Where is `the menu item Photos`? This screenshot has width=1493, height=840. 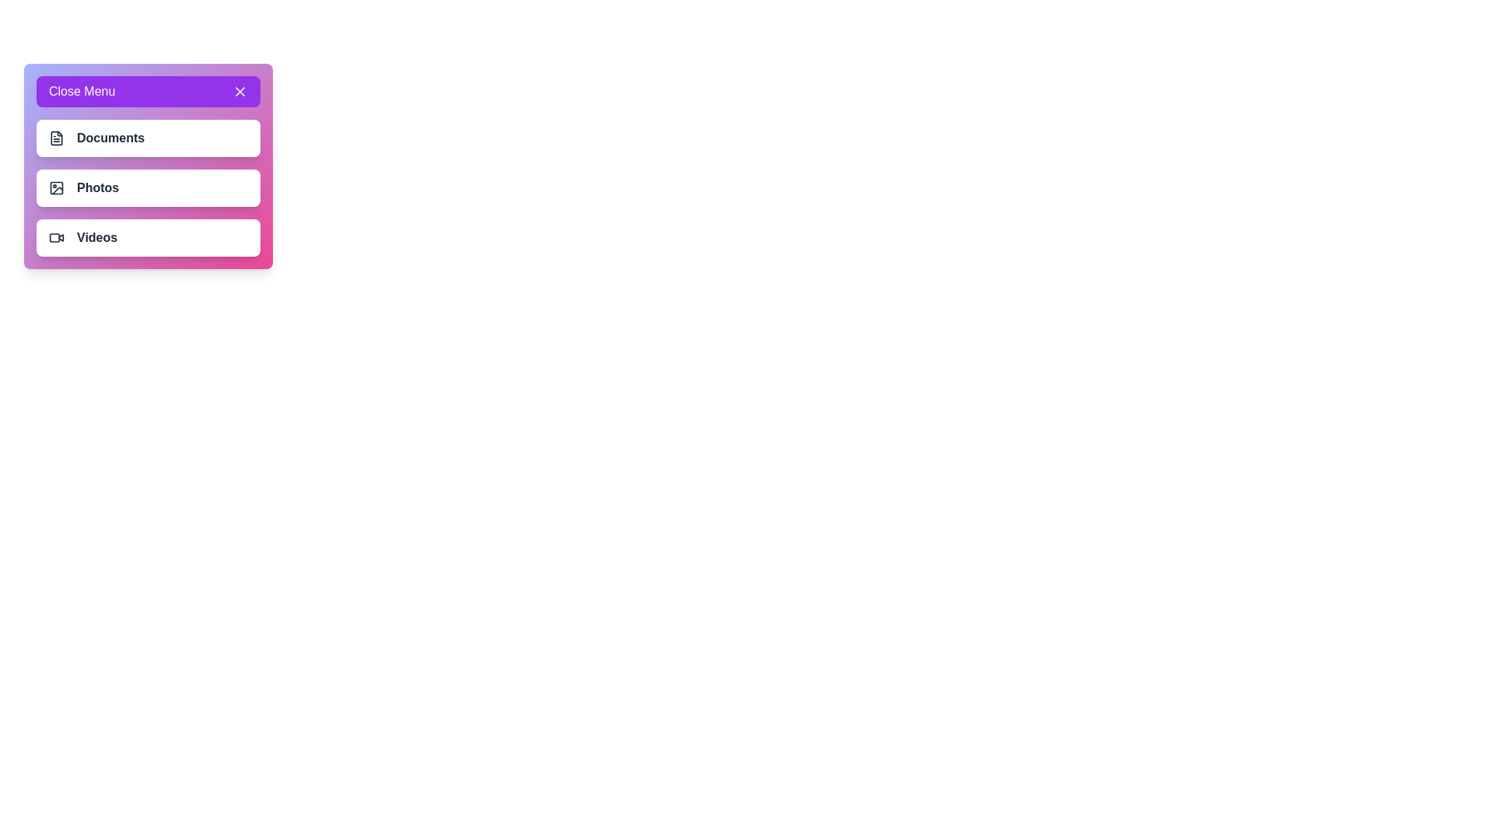
the menu item Photos is located at coordinates (56, 187).